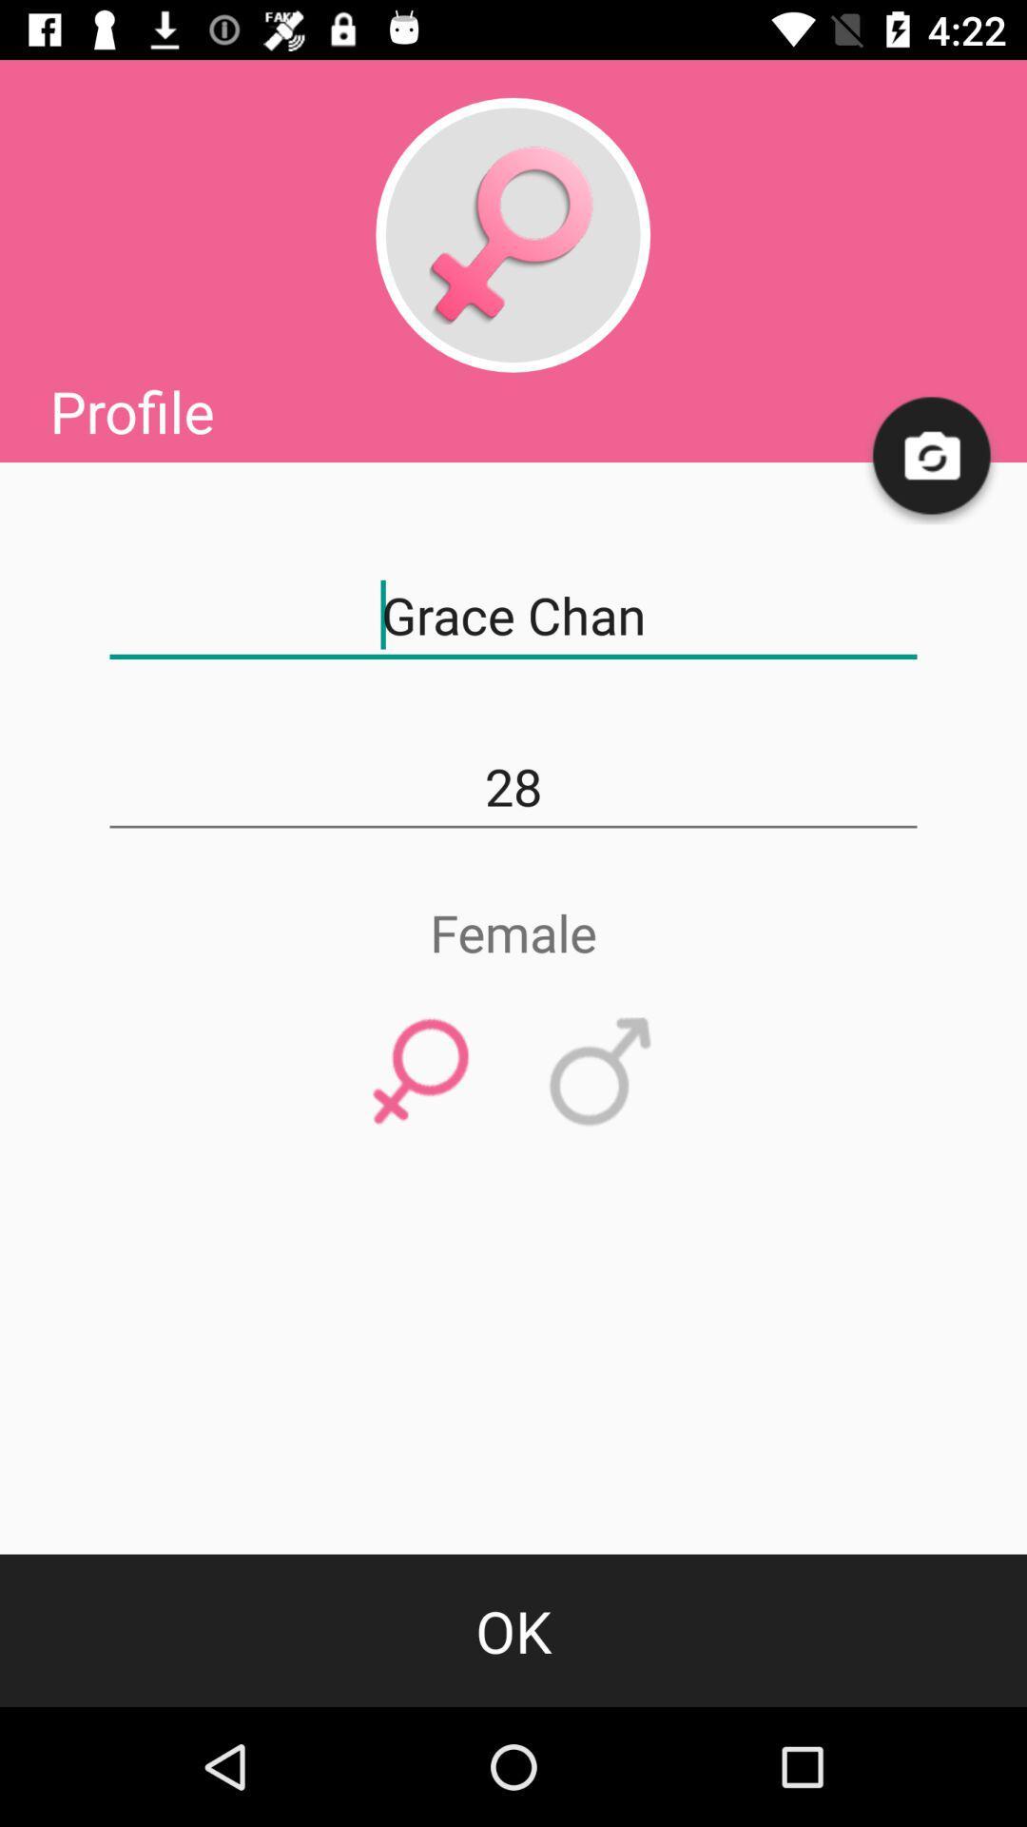  I want to click on change from front to back camera, so click(932, 457).